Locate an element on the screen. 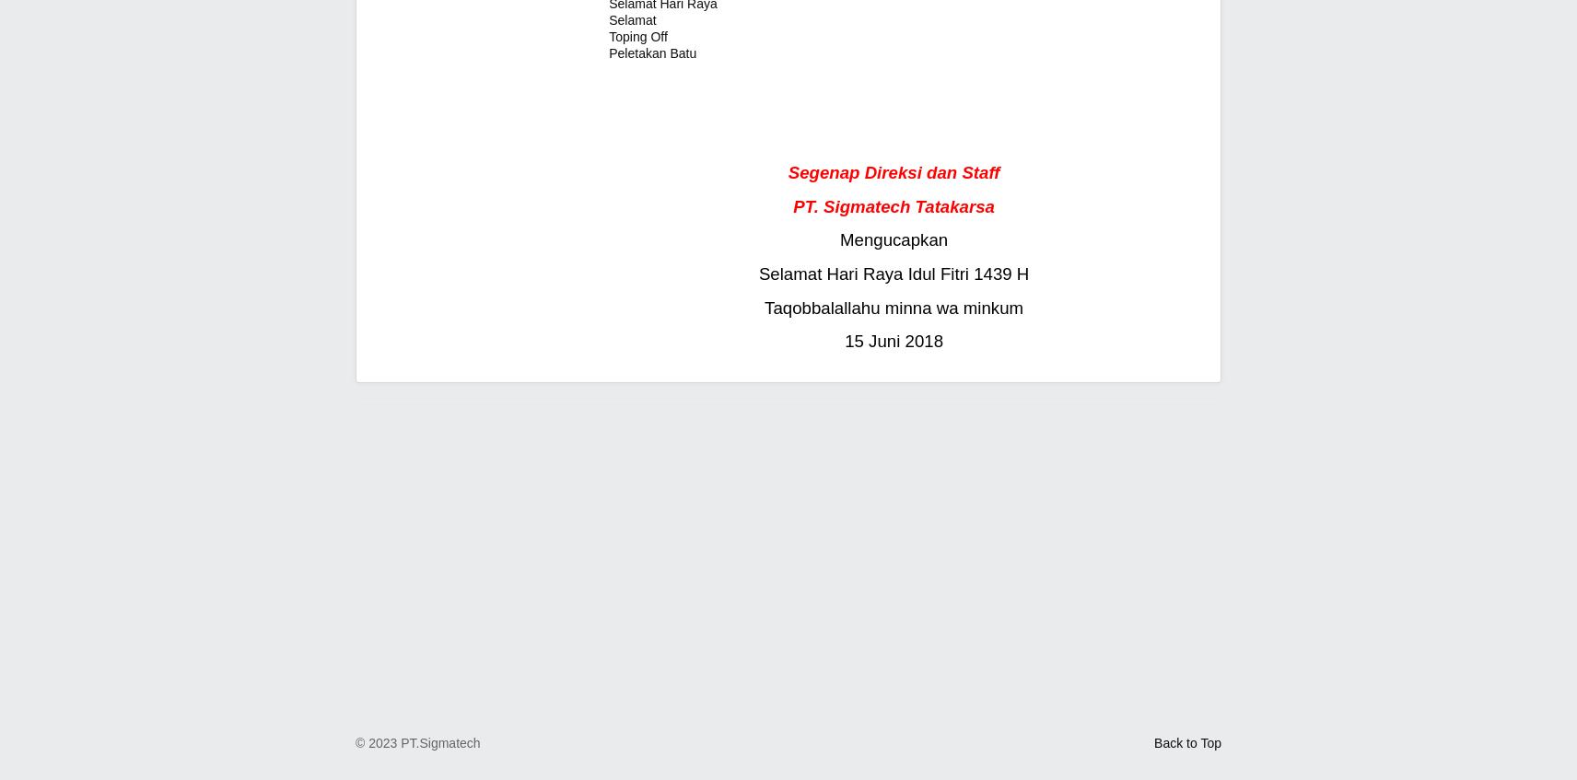  'Mengucapkan' is located at coordinates (893, 239).